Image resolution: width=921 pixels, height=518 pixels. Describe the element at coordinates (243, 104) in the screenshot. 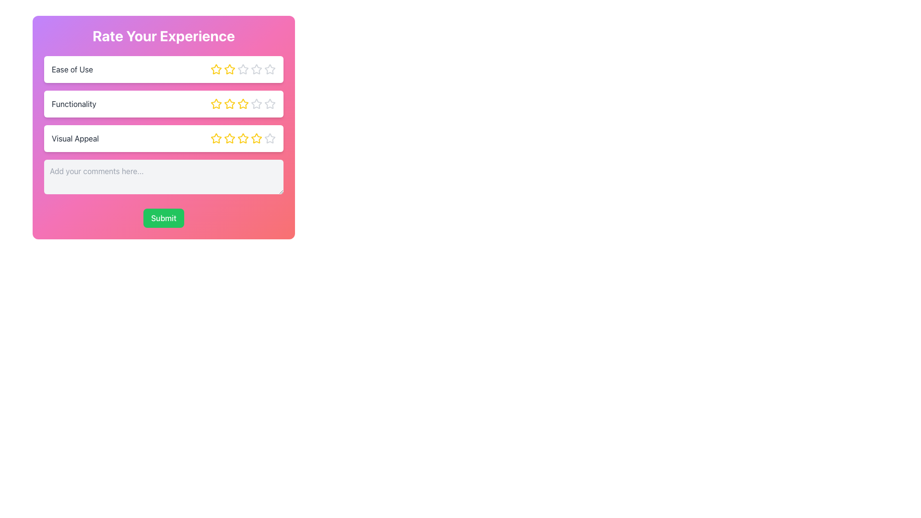

I see `the third star in the five-star rating bar` at that location.